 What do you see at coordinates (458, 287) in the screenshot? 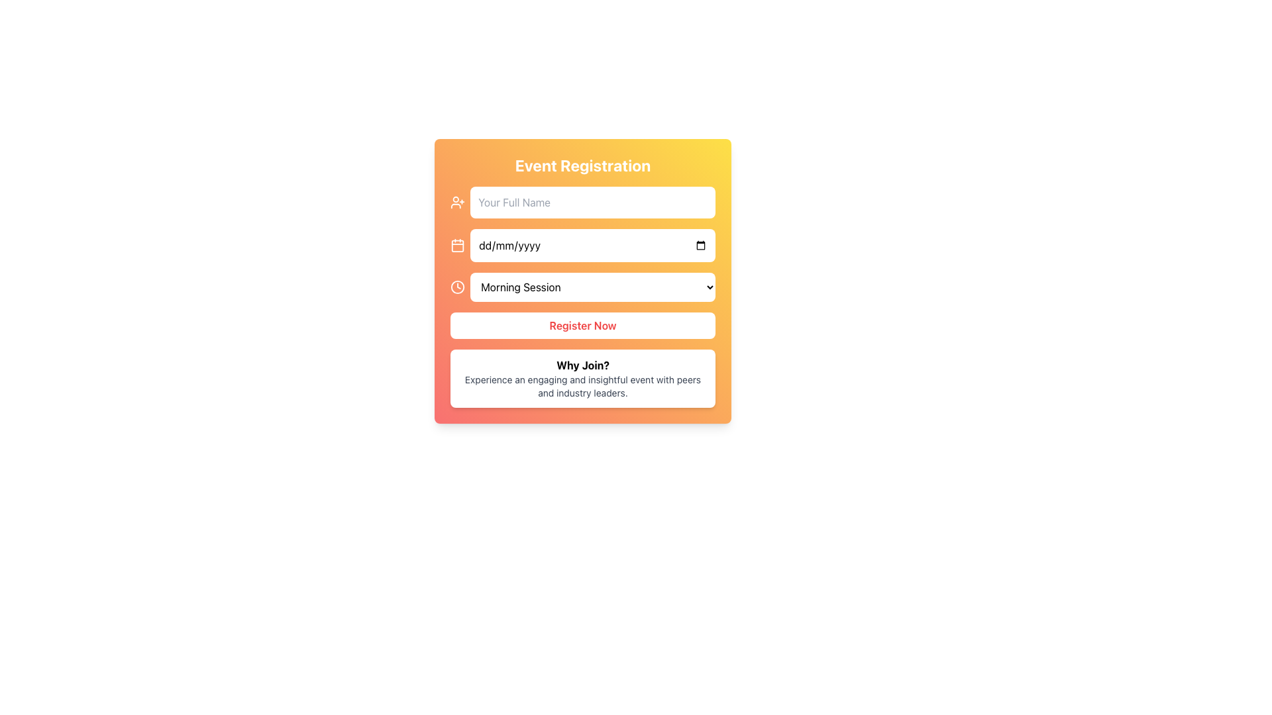
I see `the decorative icon symbolizing time or session selection located to the left of the 'Morning Session' dropdown input field` at bounding box center [458, 287].